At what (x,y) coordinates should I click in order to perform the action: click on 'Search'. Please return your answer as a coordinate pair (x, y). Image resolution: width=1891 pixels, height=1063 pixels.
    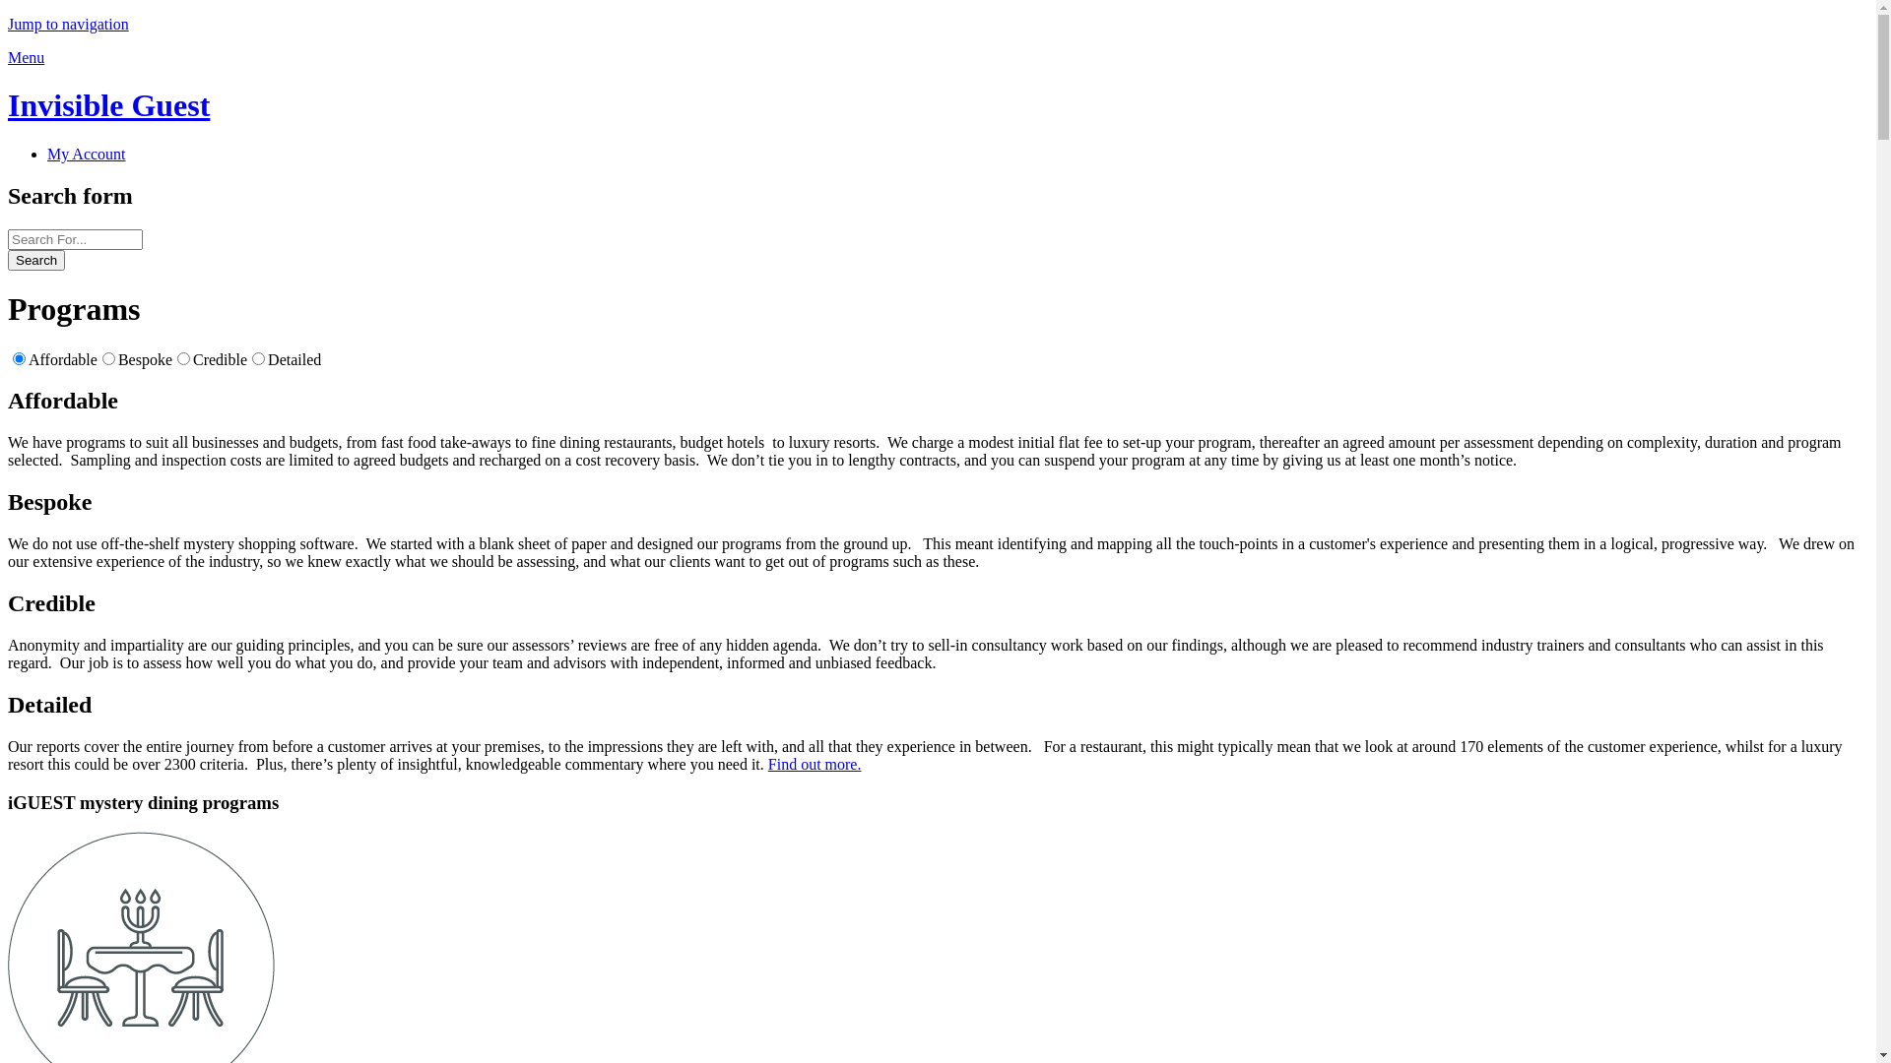
    Looking at the image, I should click on (36, 259).